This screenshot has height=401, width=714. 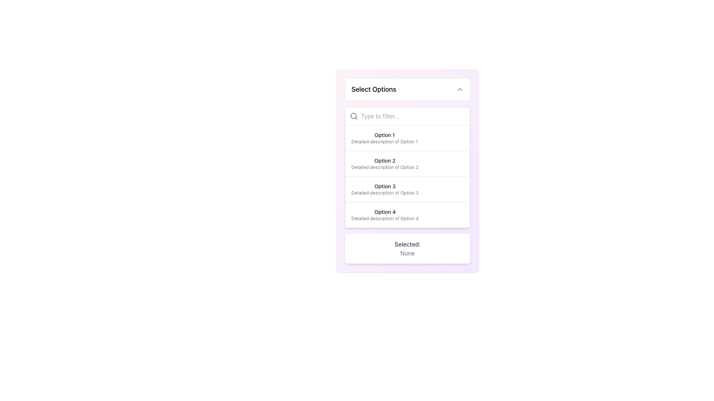 What do you see at coordinates (385, 212) in the screenshot?
I see `the Static Text Label that serves as a label for the fourth option in the list, which is located below the third option in a vertically stacked list` at bounding box center [385, 212].